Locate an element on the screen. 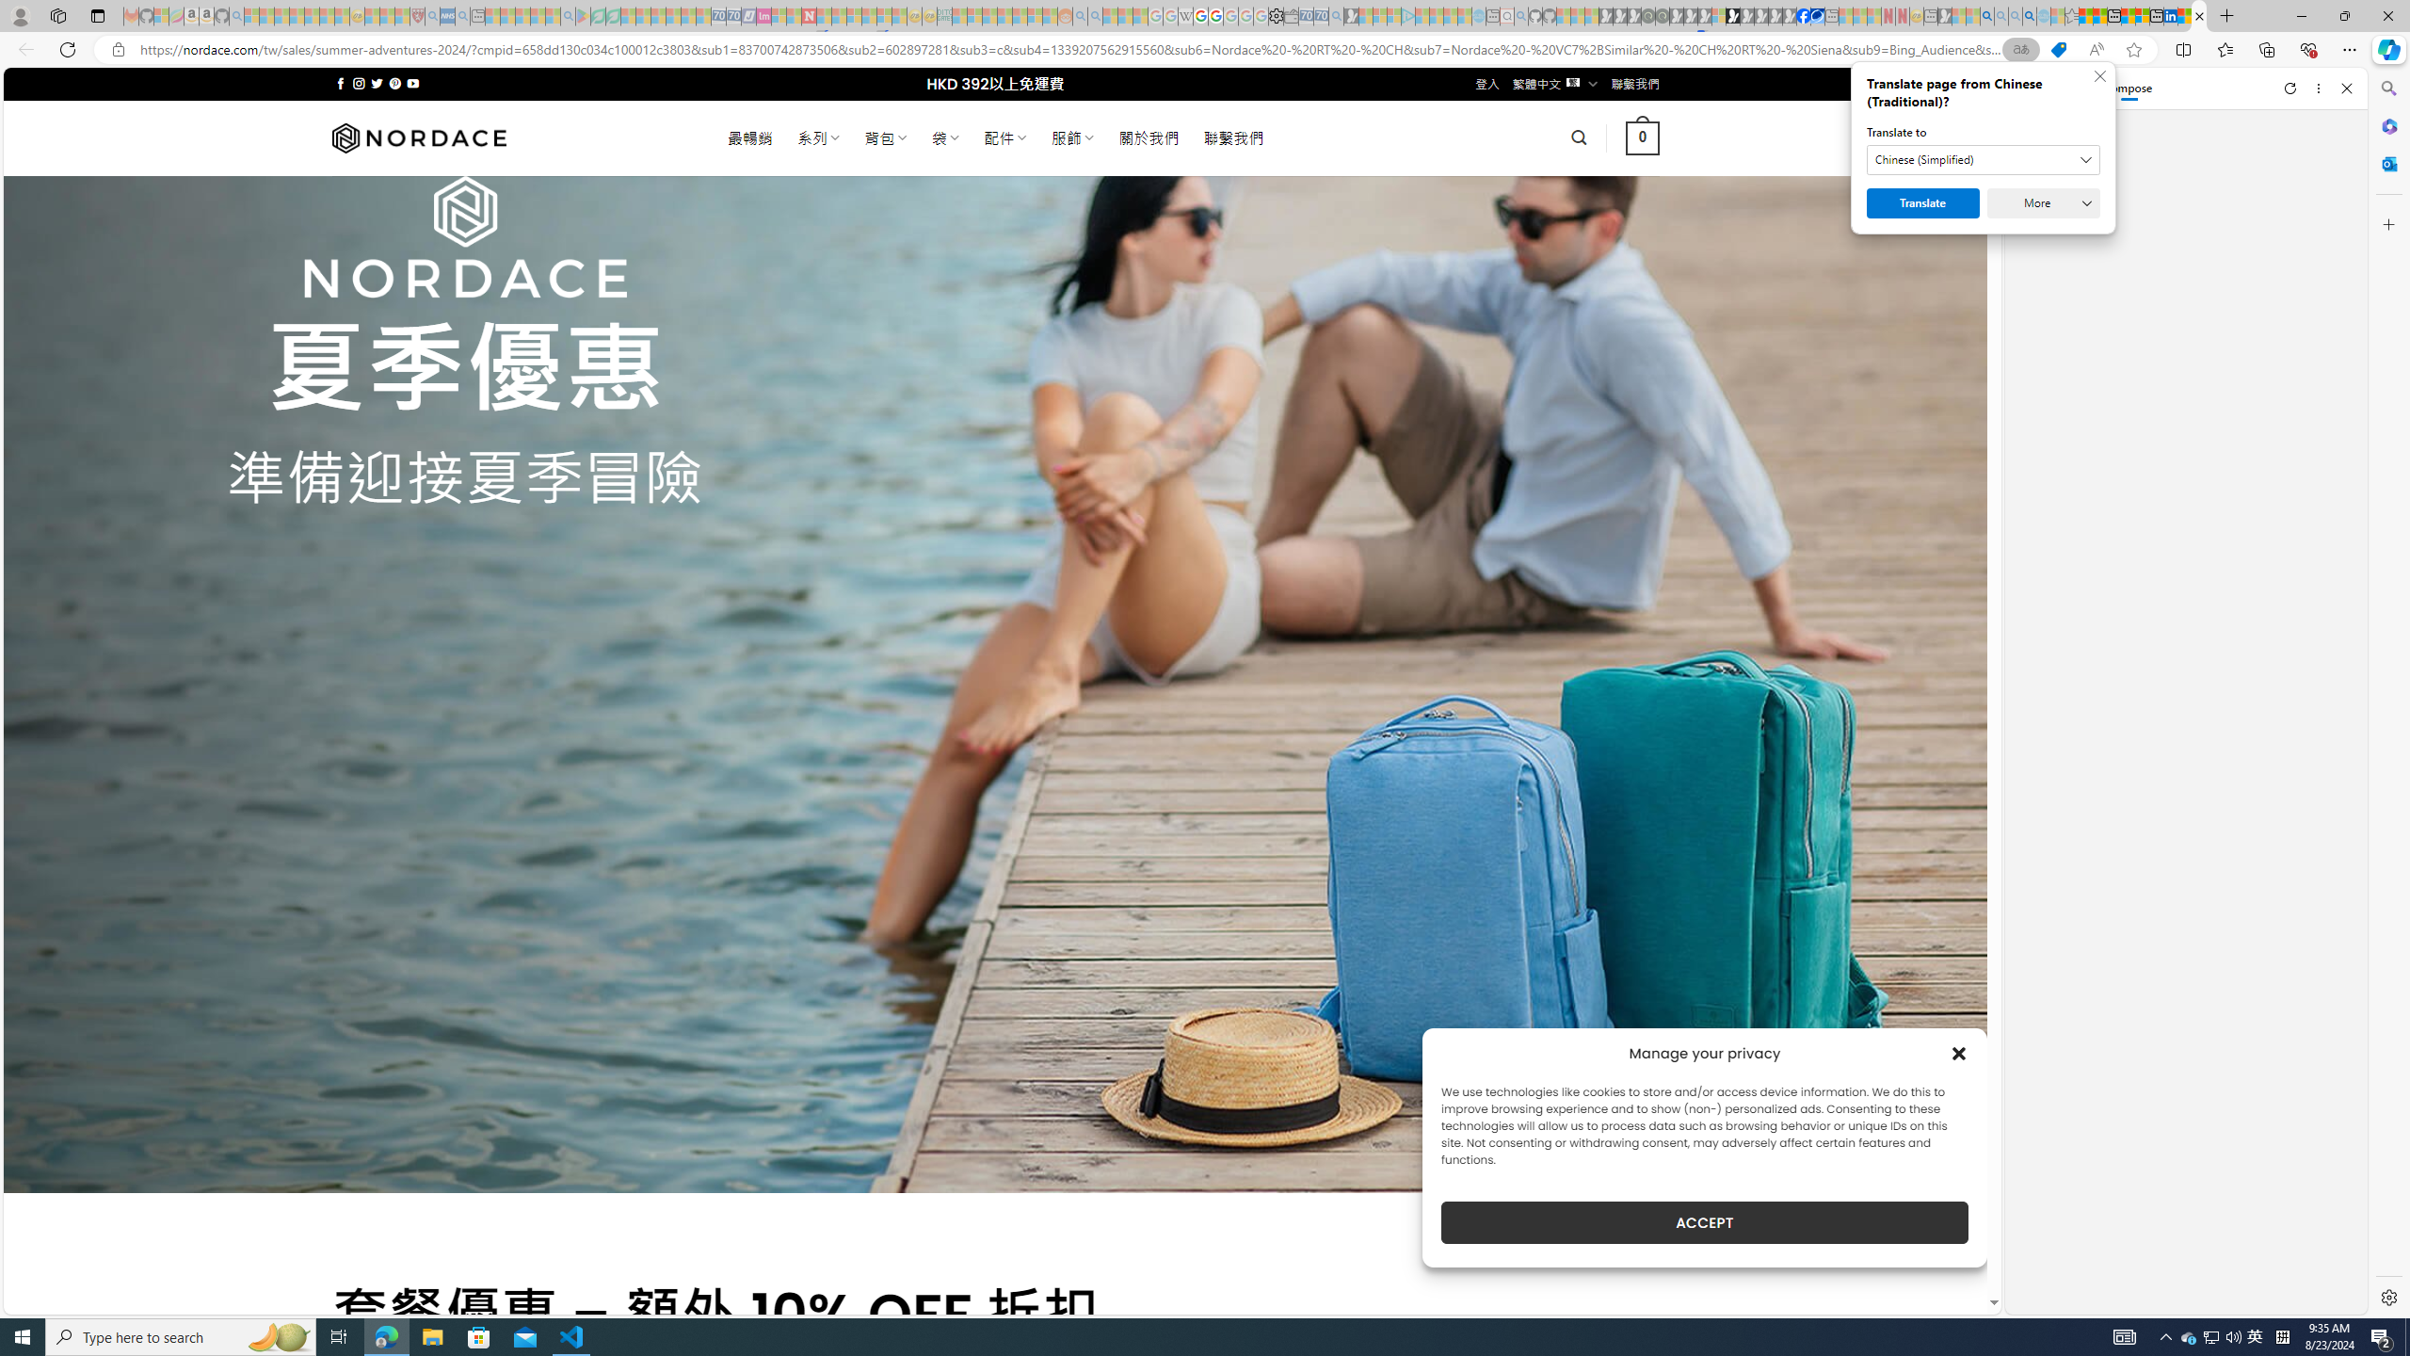  'Follow on Twitter' is located at coordinates (376, 83).